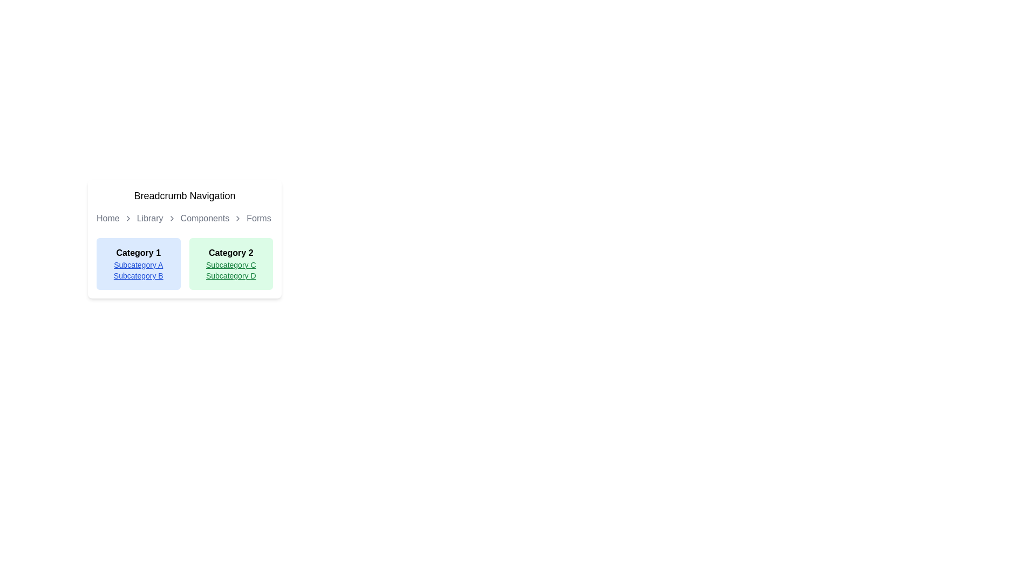 This screenshot has height=583, width=1036. Describe the element at coordinates (230, 253) in the screenshot. I see `the static text element displaying 'Category 2' in bold at the top of its green card` at that location.